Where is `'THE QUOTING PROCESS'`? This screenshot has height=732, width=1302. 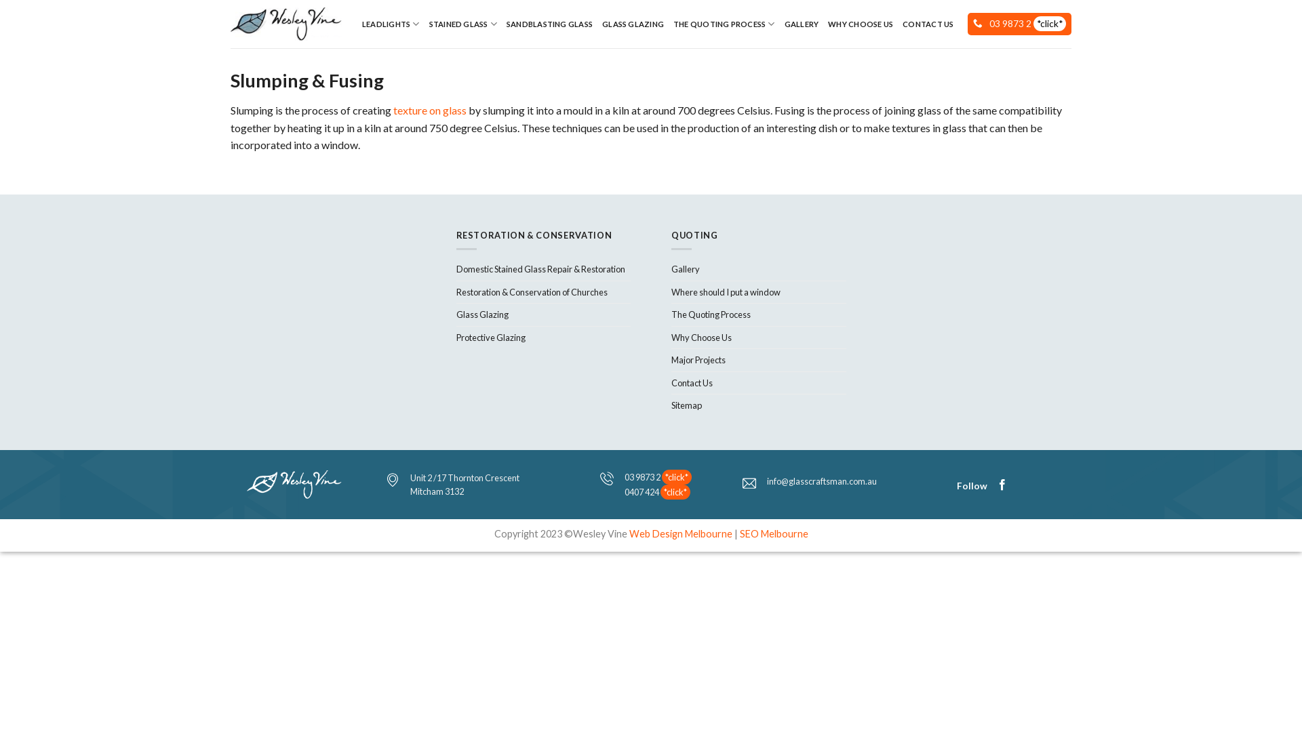 'THE QUOTING PROCESS' is located at coordinates (673, 24).